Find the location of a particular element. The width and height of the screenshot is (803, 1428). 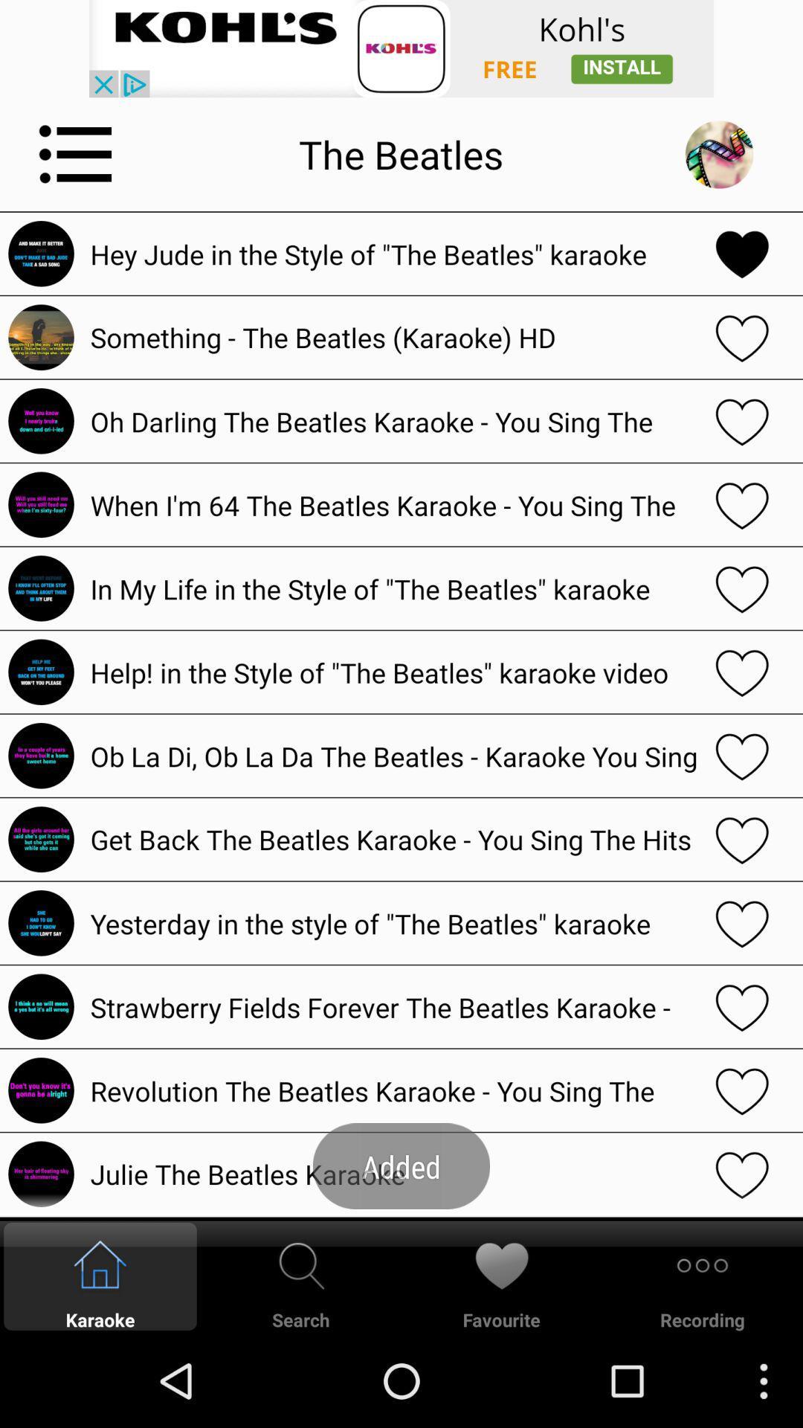

favorite is located at coordinates (742, 254).